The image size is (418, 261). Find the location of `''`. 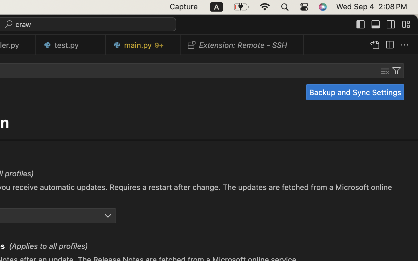

'' is located at coordinates (374, 45).